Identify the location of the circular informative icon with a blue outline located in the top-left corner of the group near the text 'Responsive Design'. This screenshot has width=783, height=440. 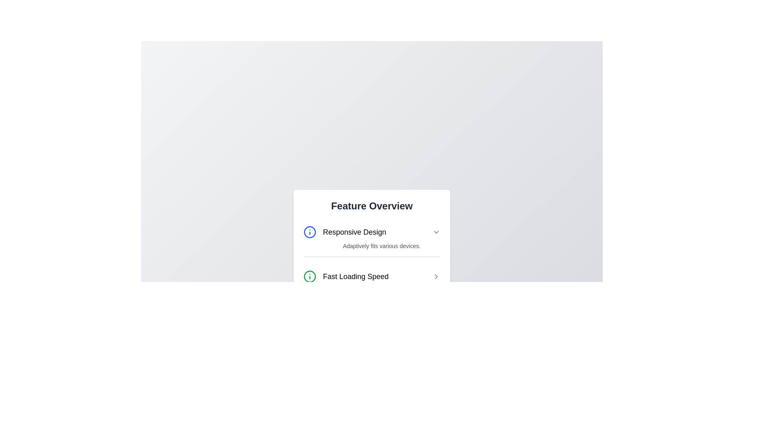
(309, 232).